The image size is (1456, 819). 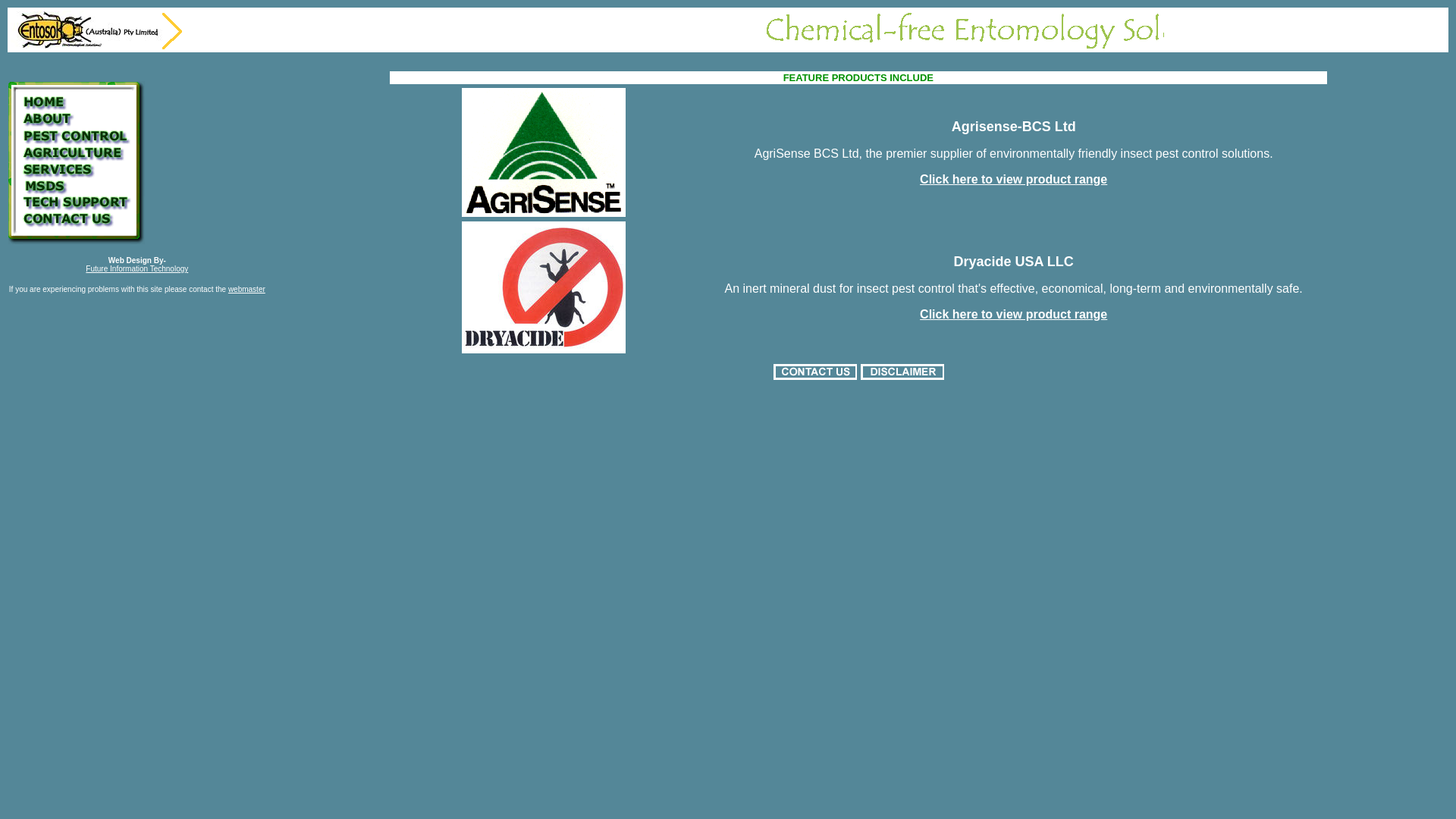 What do you see at coordinates (136, 268) in the screenshot?
I see `'Future Information Technology'` at bounding box center [136, 268].